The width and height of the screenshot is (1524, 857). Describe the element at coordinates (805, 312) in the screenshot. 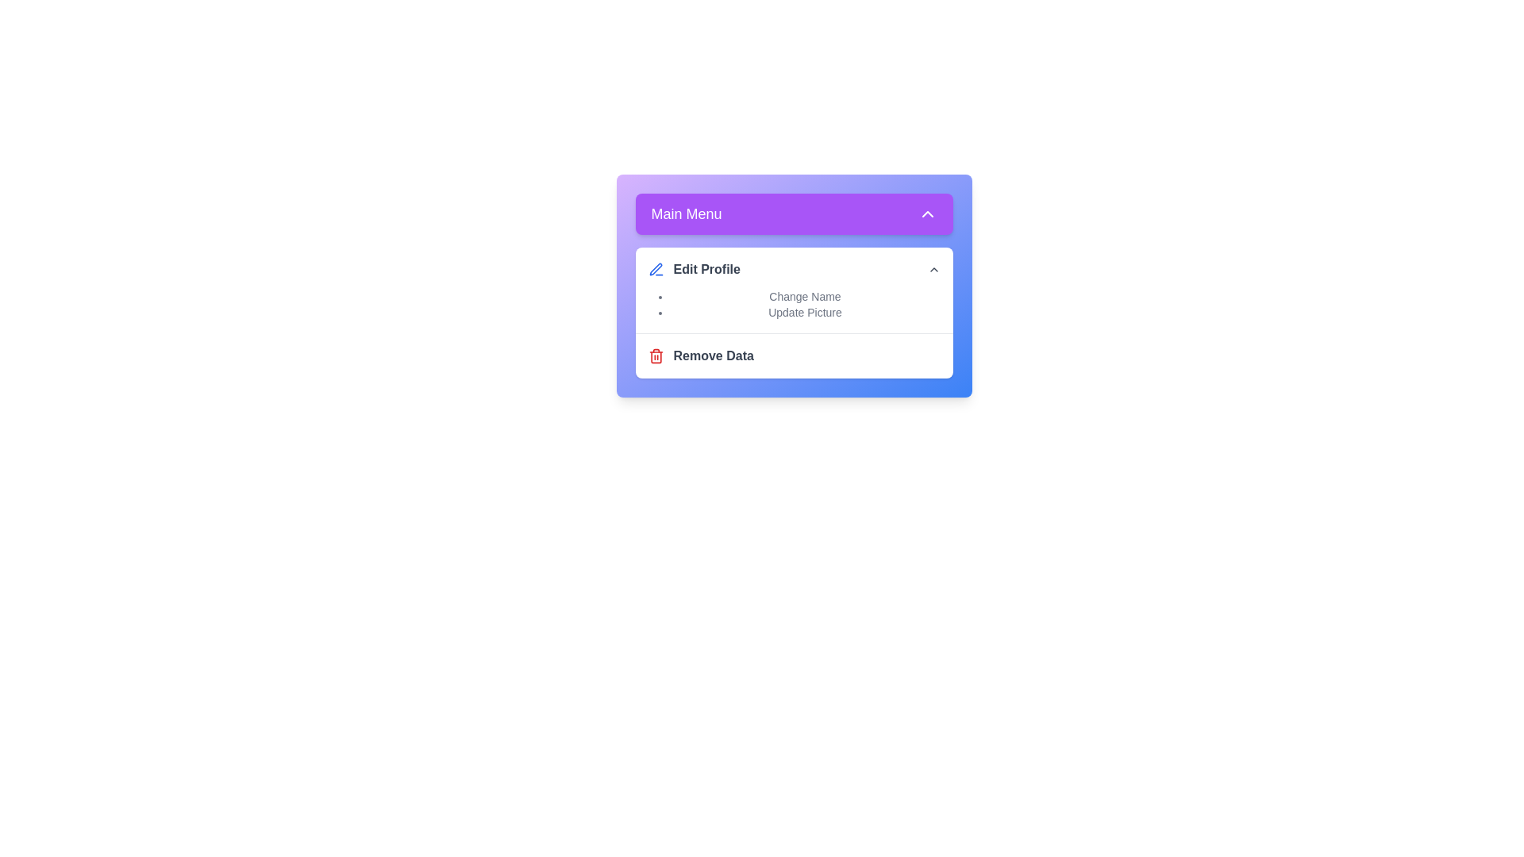

I see `the 'Update Picture' option in the submenu` at that location.